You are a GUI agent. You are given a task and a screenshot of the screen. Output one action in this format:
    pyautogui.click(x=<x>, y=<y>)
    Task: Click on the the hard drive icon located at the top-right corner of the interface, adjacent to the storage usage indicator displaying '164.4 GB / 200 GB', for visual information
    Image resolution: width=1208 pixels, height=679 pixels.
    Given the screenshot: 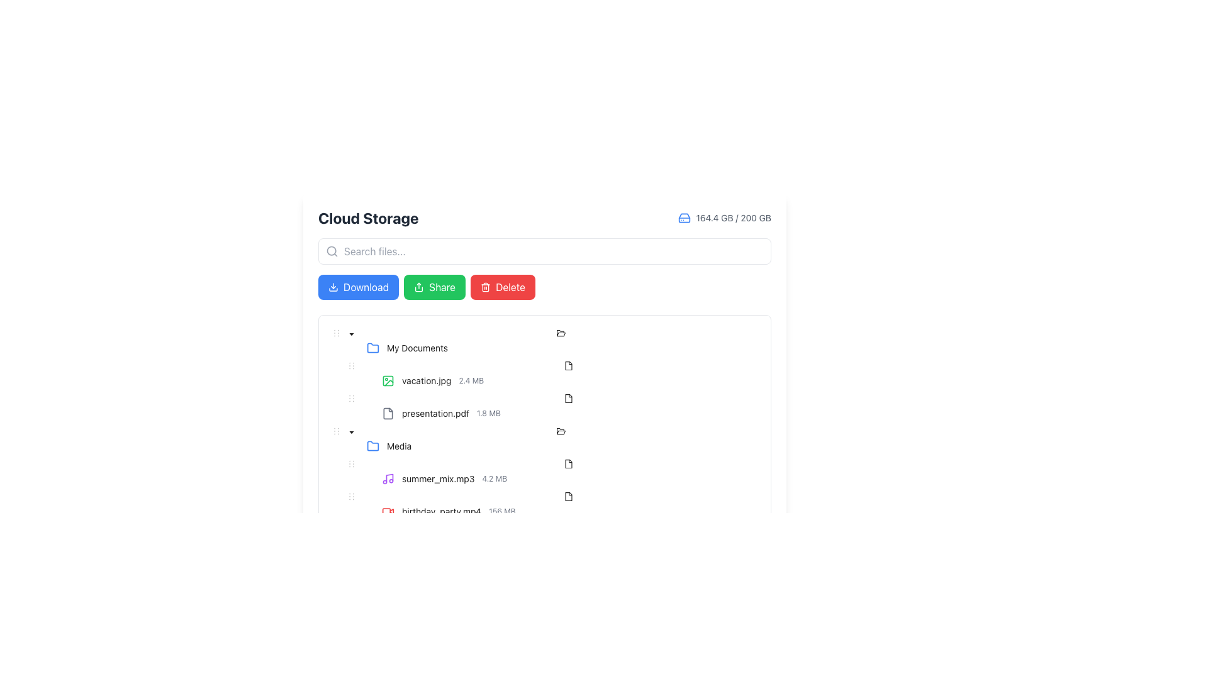 What is the action you would take?
    pyautogui.click(x=684, y=218)
    